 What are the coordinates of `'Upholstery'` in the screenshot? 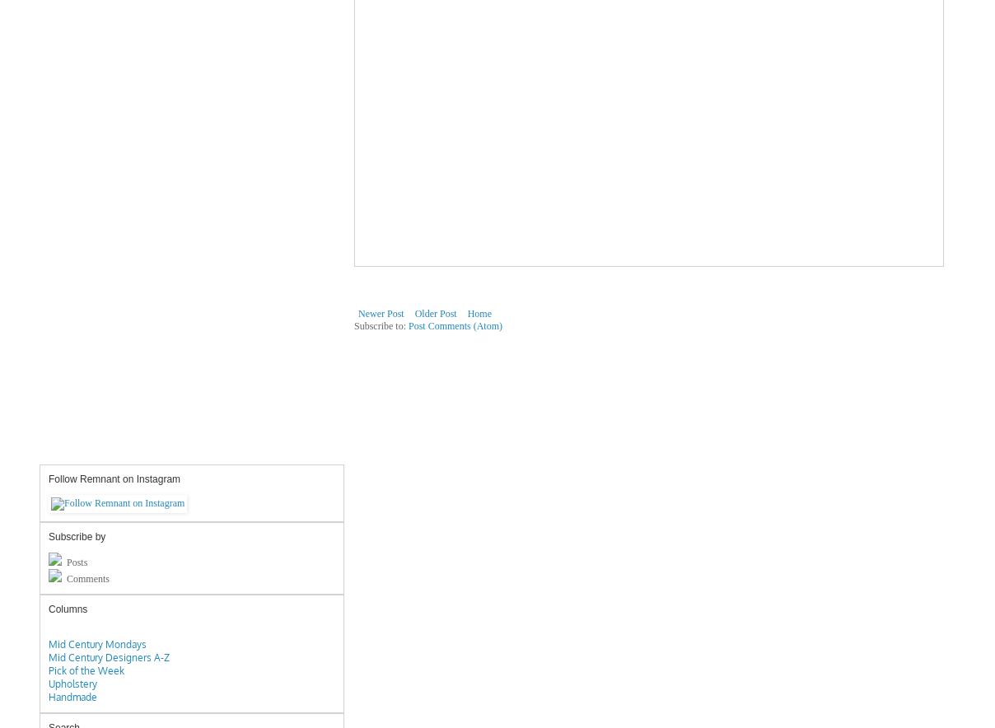 It's located at (72, 683).